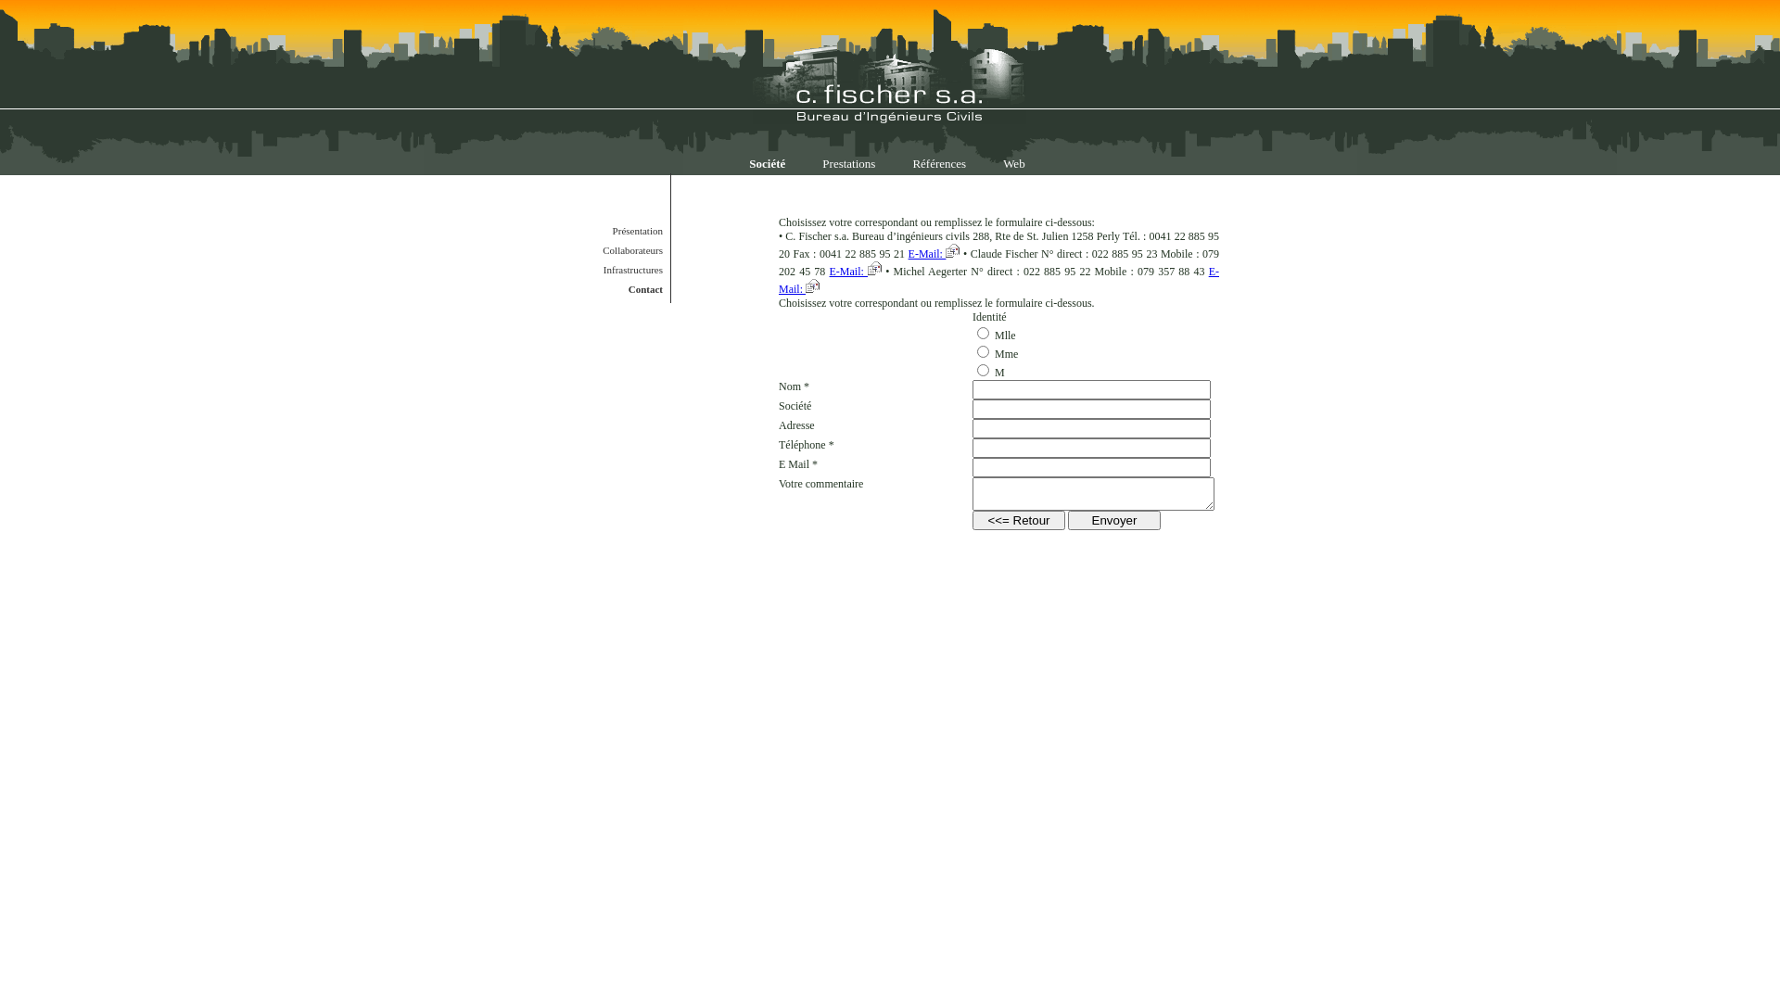 This screenshot has width=1780, height=1001. What do you see at coordinates (934, 253) in the screenshot?
I see `'E-Mail:'` at bounding box center [934, 253].